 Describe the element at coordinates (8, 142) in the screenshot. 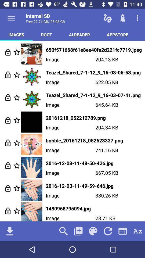

I see `lock an image` at that location.